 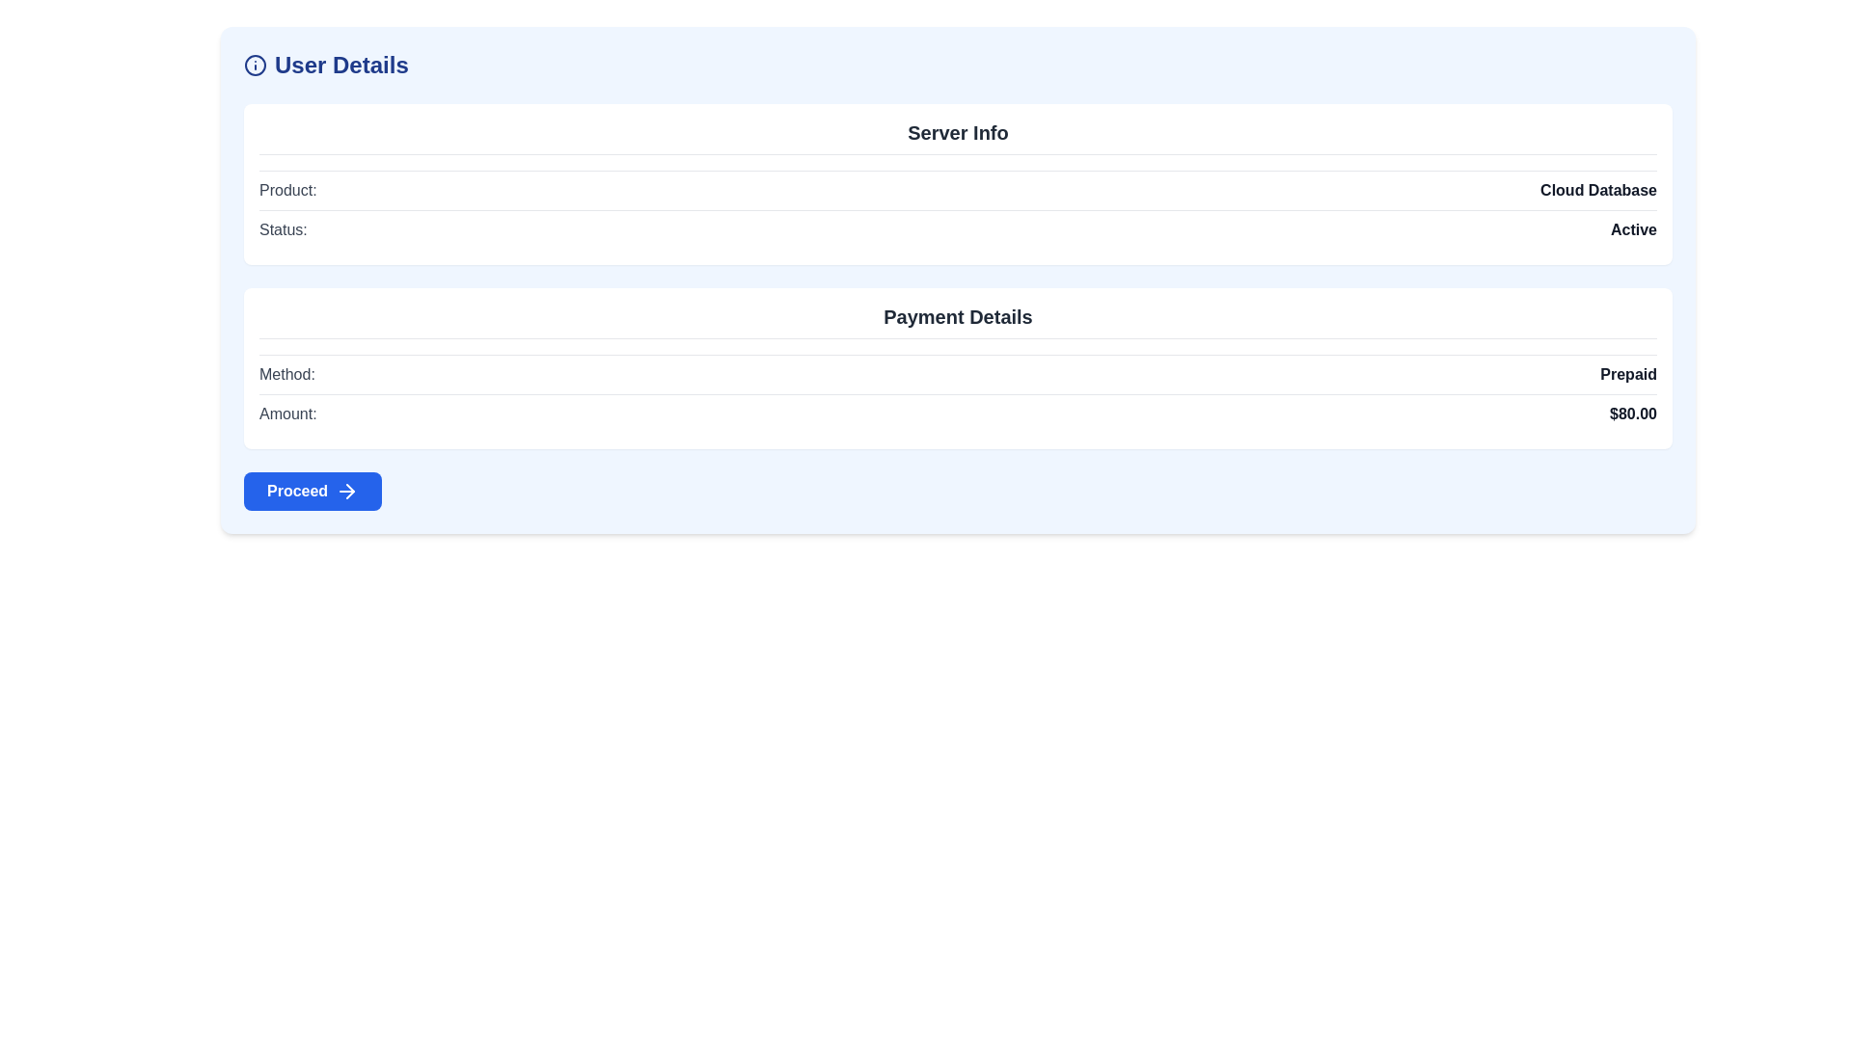 What do you see at coordinates (254, 65) in the screenshot?
I see `the SVG circle element that is part of the graphic adjacent to the title 'User Details'` at bounding box center [254, 65].